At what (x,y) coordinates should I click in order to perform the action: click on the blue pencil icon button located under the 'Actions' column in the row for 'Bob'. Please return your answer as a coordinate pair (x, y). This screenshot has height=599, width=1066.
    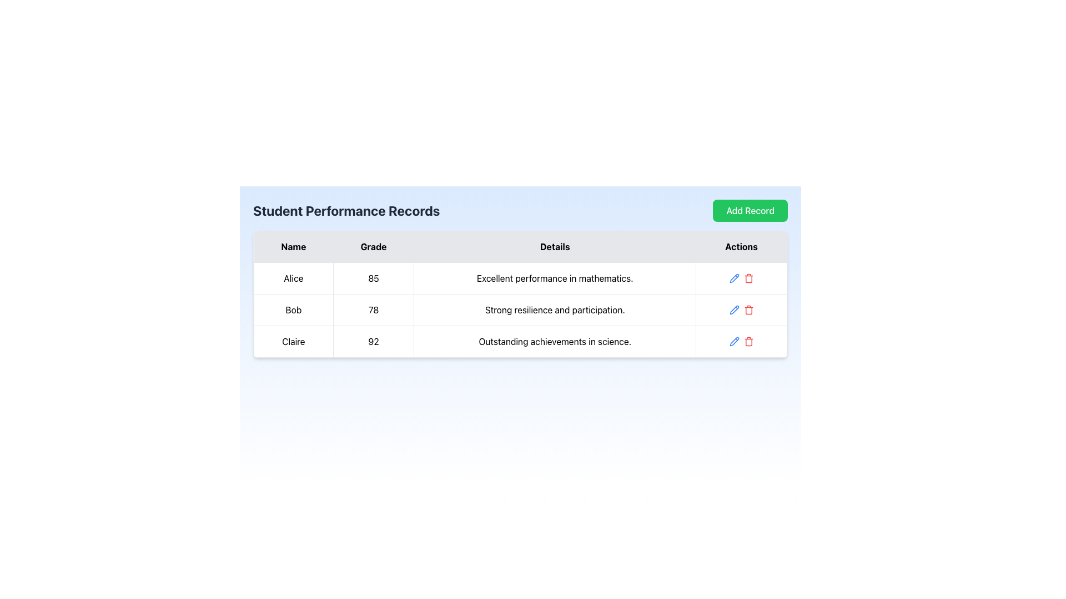
    Looking at the image, I should click on (734, 277).